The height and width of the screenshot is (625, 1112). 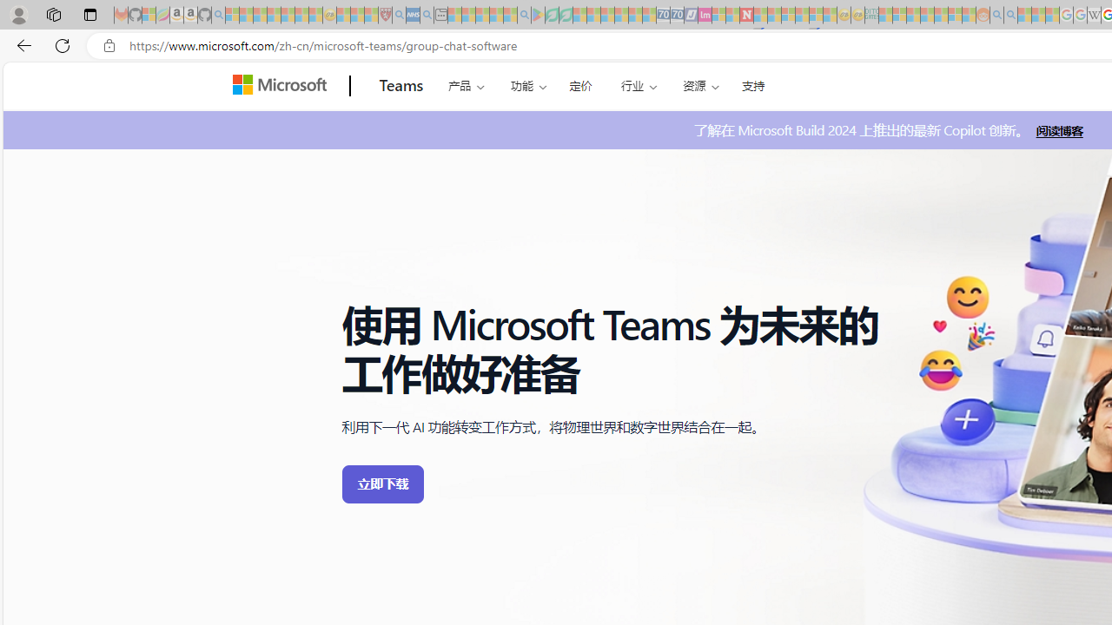 I want to click on 'Teams', so click(x=400, y=86).